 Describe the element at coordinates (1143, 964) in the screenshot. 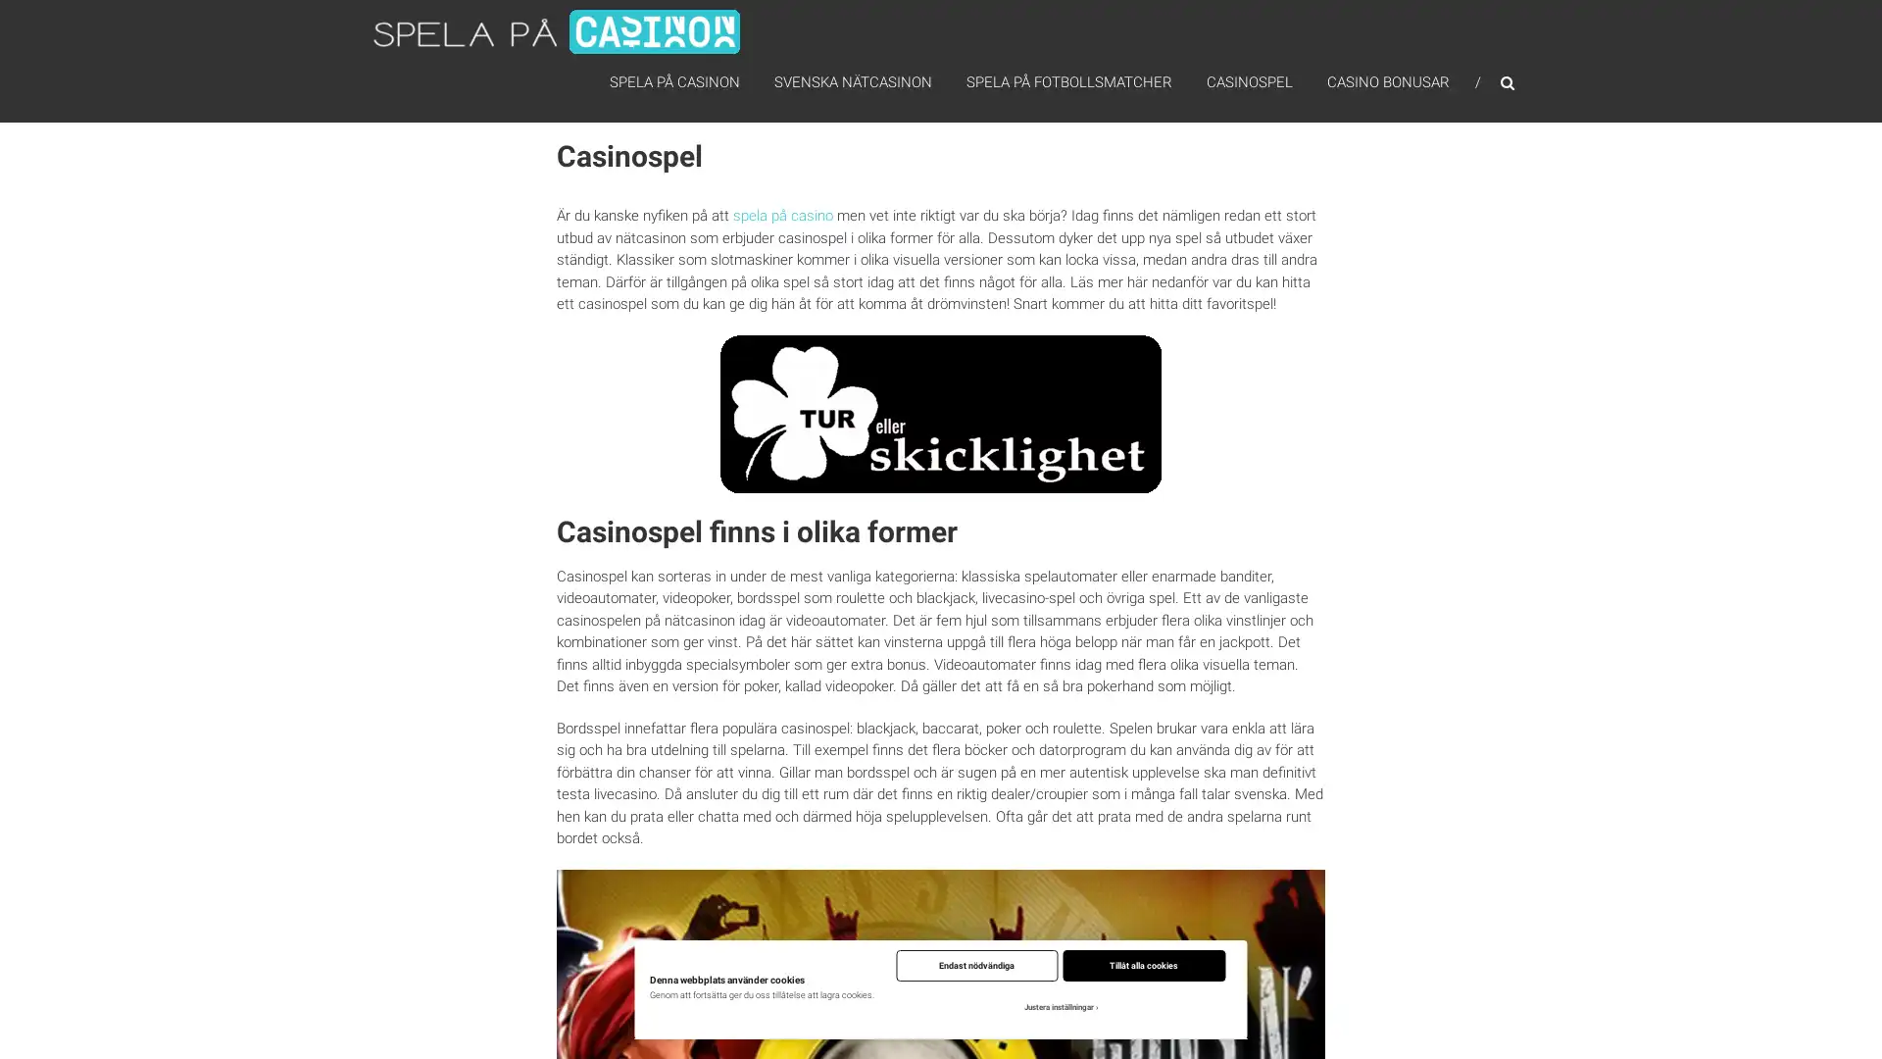

I see `Tillat alla cookies` at that location.